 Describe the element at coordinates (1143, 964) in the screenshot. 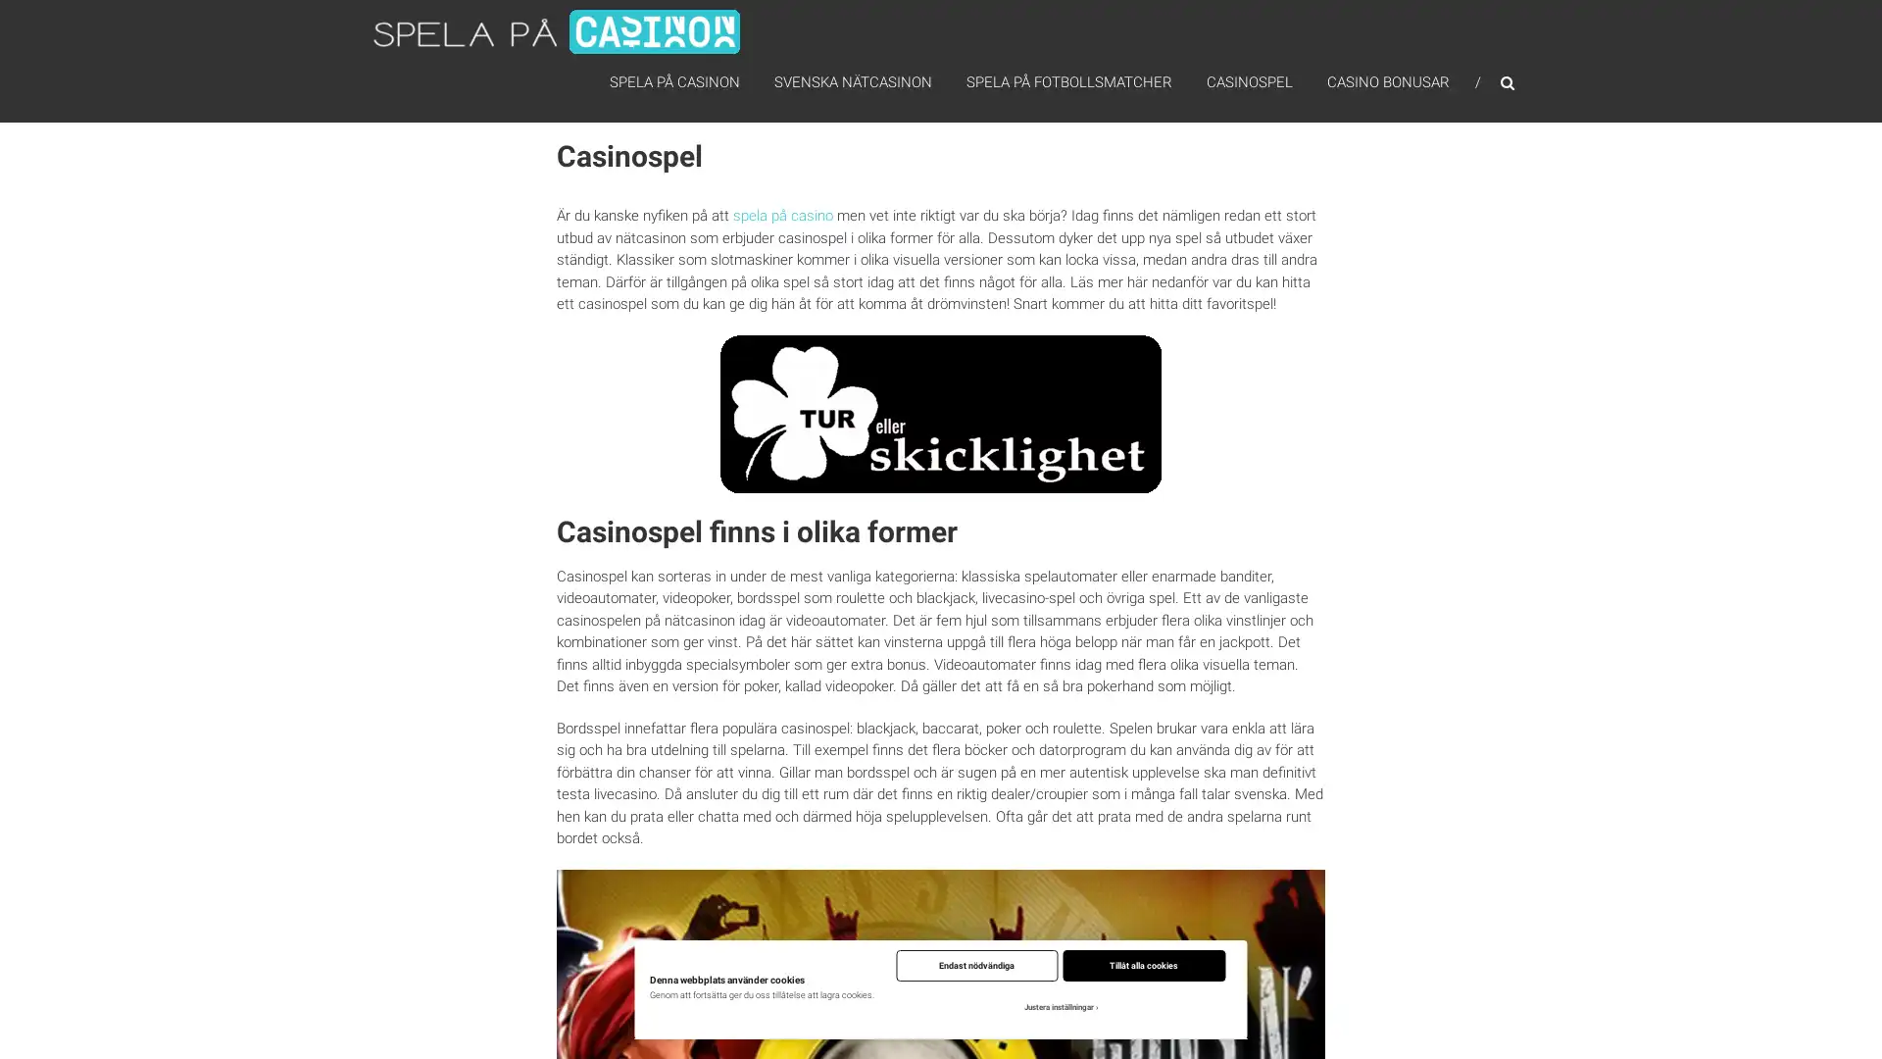

I see `Tillat alla cookies` at that location.